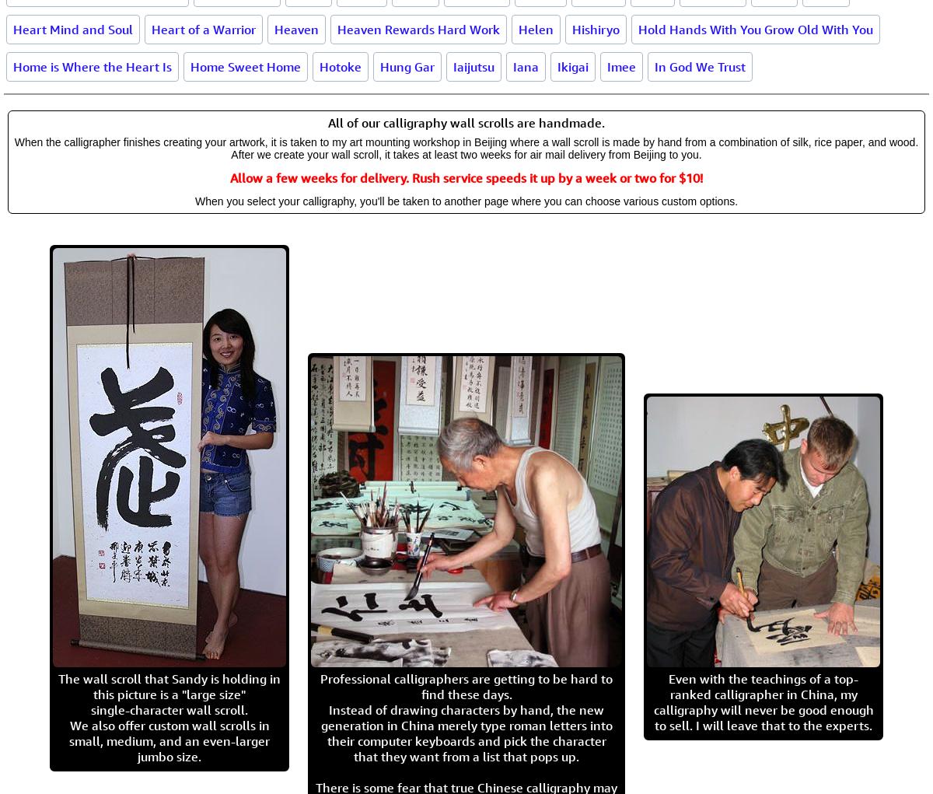  Describe the element at coordinates (571, 28) in the screenshot. I see `'Hishiryo'` at that location.